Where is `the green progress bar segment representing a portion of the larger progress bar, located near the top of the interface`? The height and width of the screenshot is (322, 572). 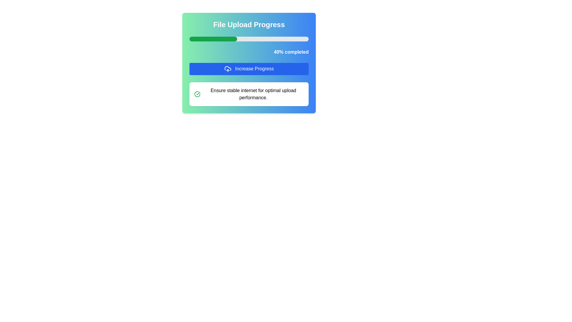 the green progress bar segment representing a portion of the larger progress bar, located near the top of the interface is located at coordinates (213, 39).